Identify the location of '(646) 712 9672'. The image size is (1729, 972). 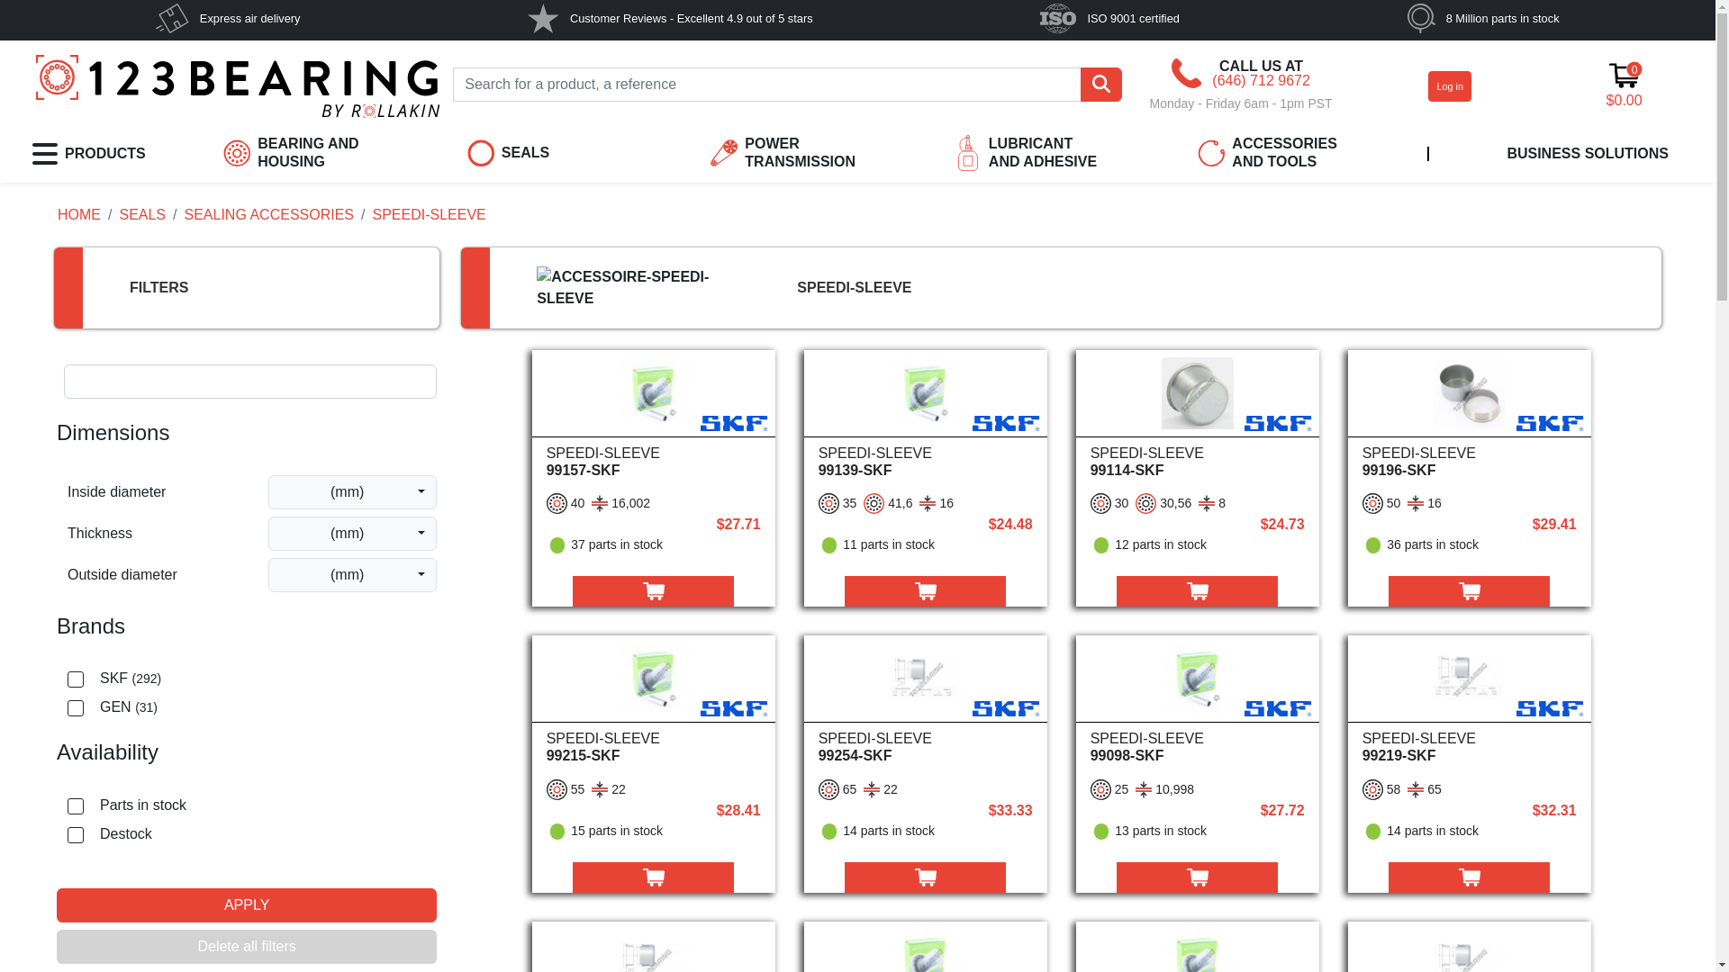
(1211, 79).